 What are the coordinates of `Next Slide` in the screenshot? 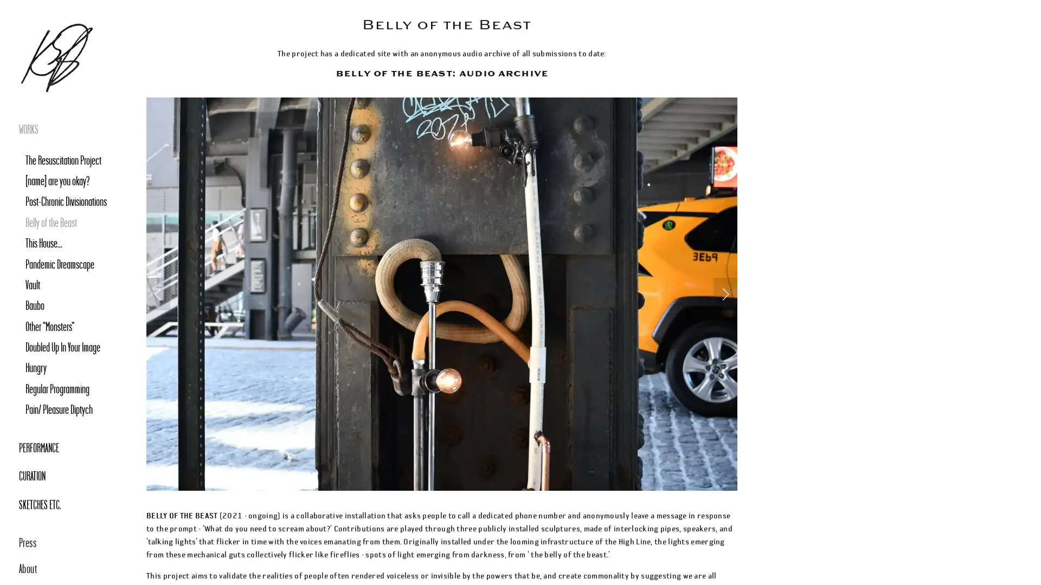 It's located at (725, 294).